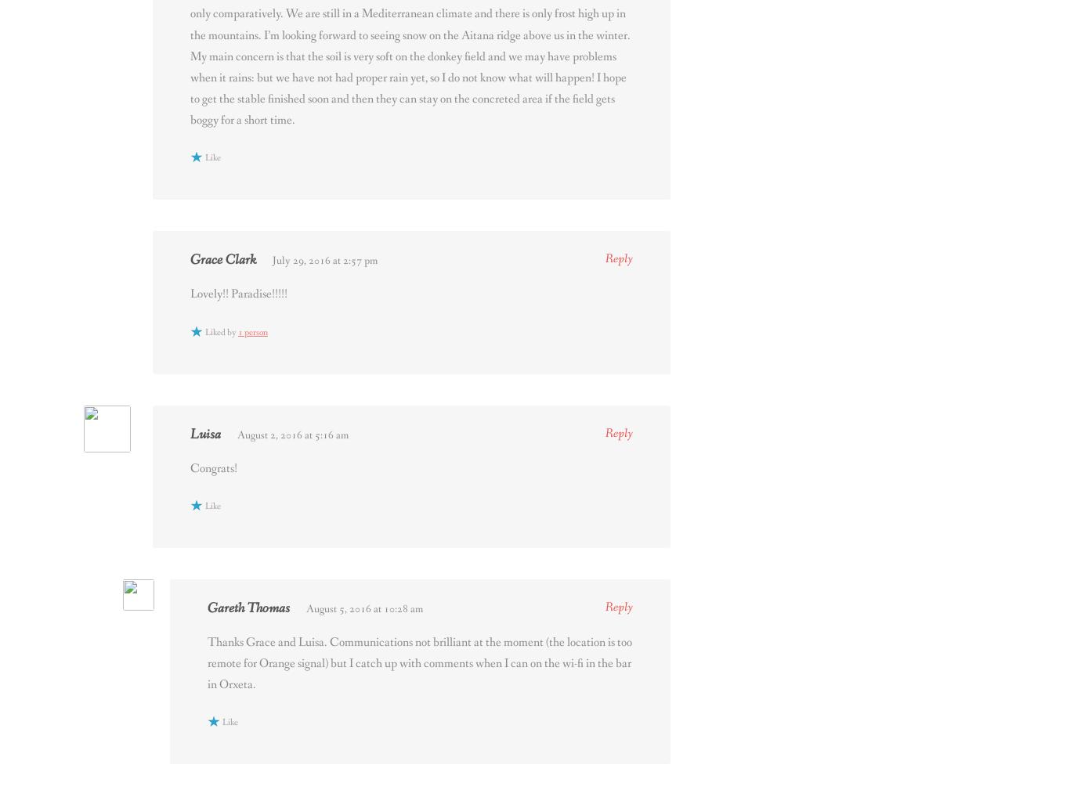 The height and width of the screenshot is (786, 1070). Describe the element at coordinates (239, 294) in the screenshot. I see `'Lovely!!  Paradise!!!!!'` at that location.